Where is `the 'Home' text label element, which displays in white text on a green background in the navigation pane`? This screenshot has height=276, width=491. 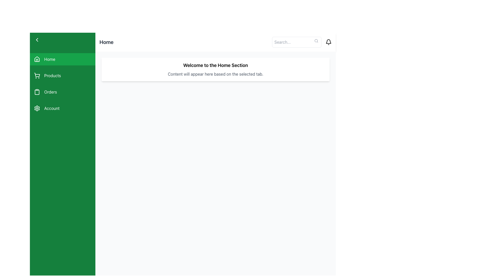
the 'Home' text label element, which displays in white text on a green background in the navigation pane is located at coordinates (50, 59).